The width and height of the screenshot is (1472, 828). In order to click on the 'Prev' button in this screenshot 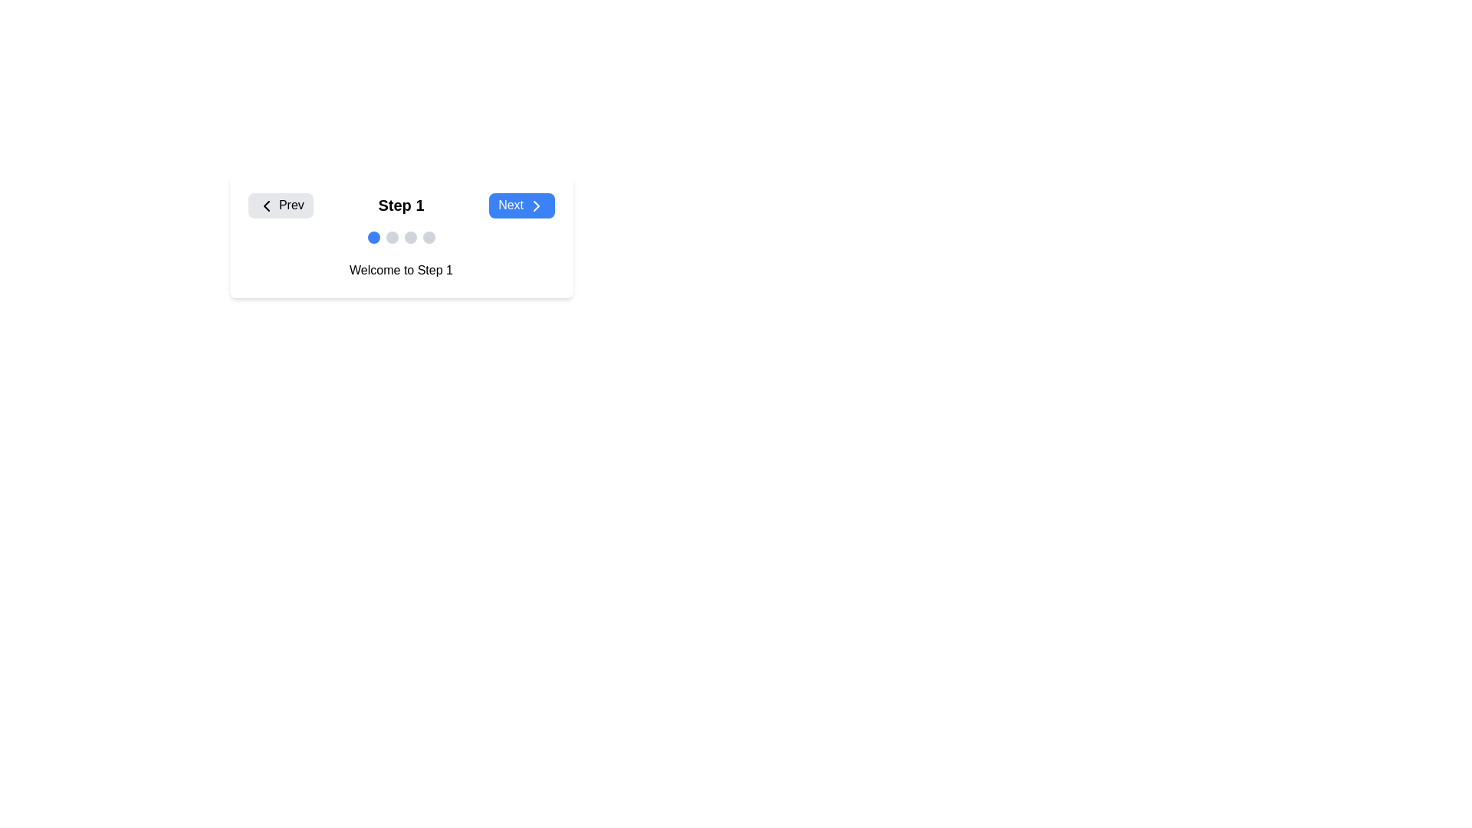, I will do `click(281, 205)`.